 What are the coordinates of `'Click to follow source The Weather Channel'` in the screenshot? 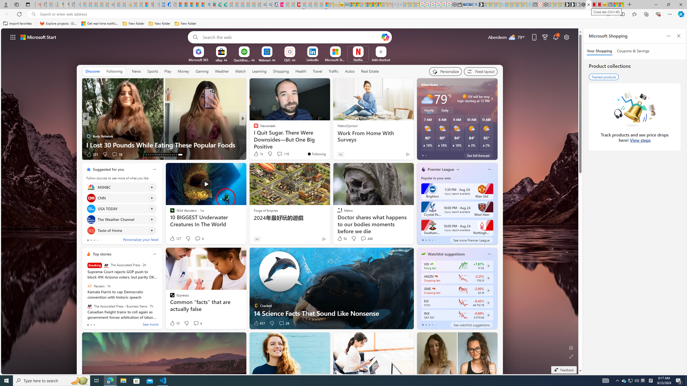 It's located at (121, 220).